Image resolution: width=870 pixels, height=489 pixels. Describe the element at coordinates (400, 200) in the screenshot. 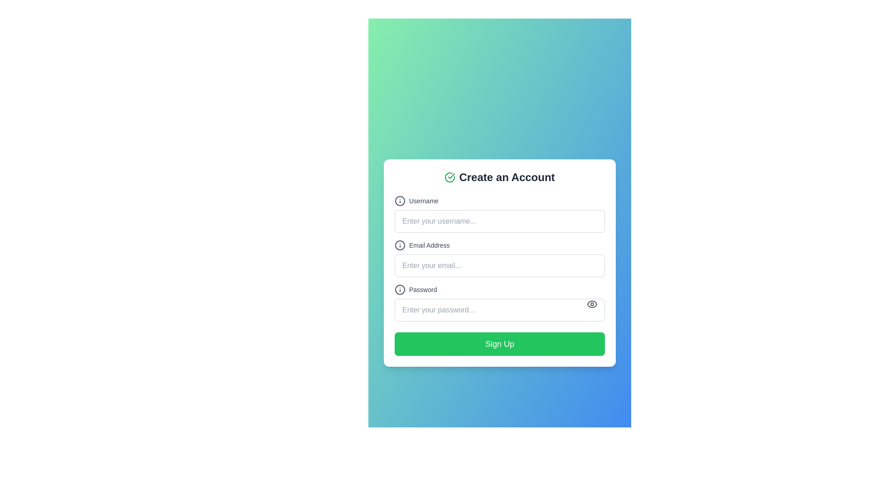

I see `the circular gray icon with an 'i' letter, located to the left of the 'Username' label at the top left of the form field` at that location.